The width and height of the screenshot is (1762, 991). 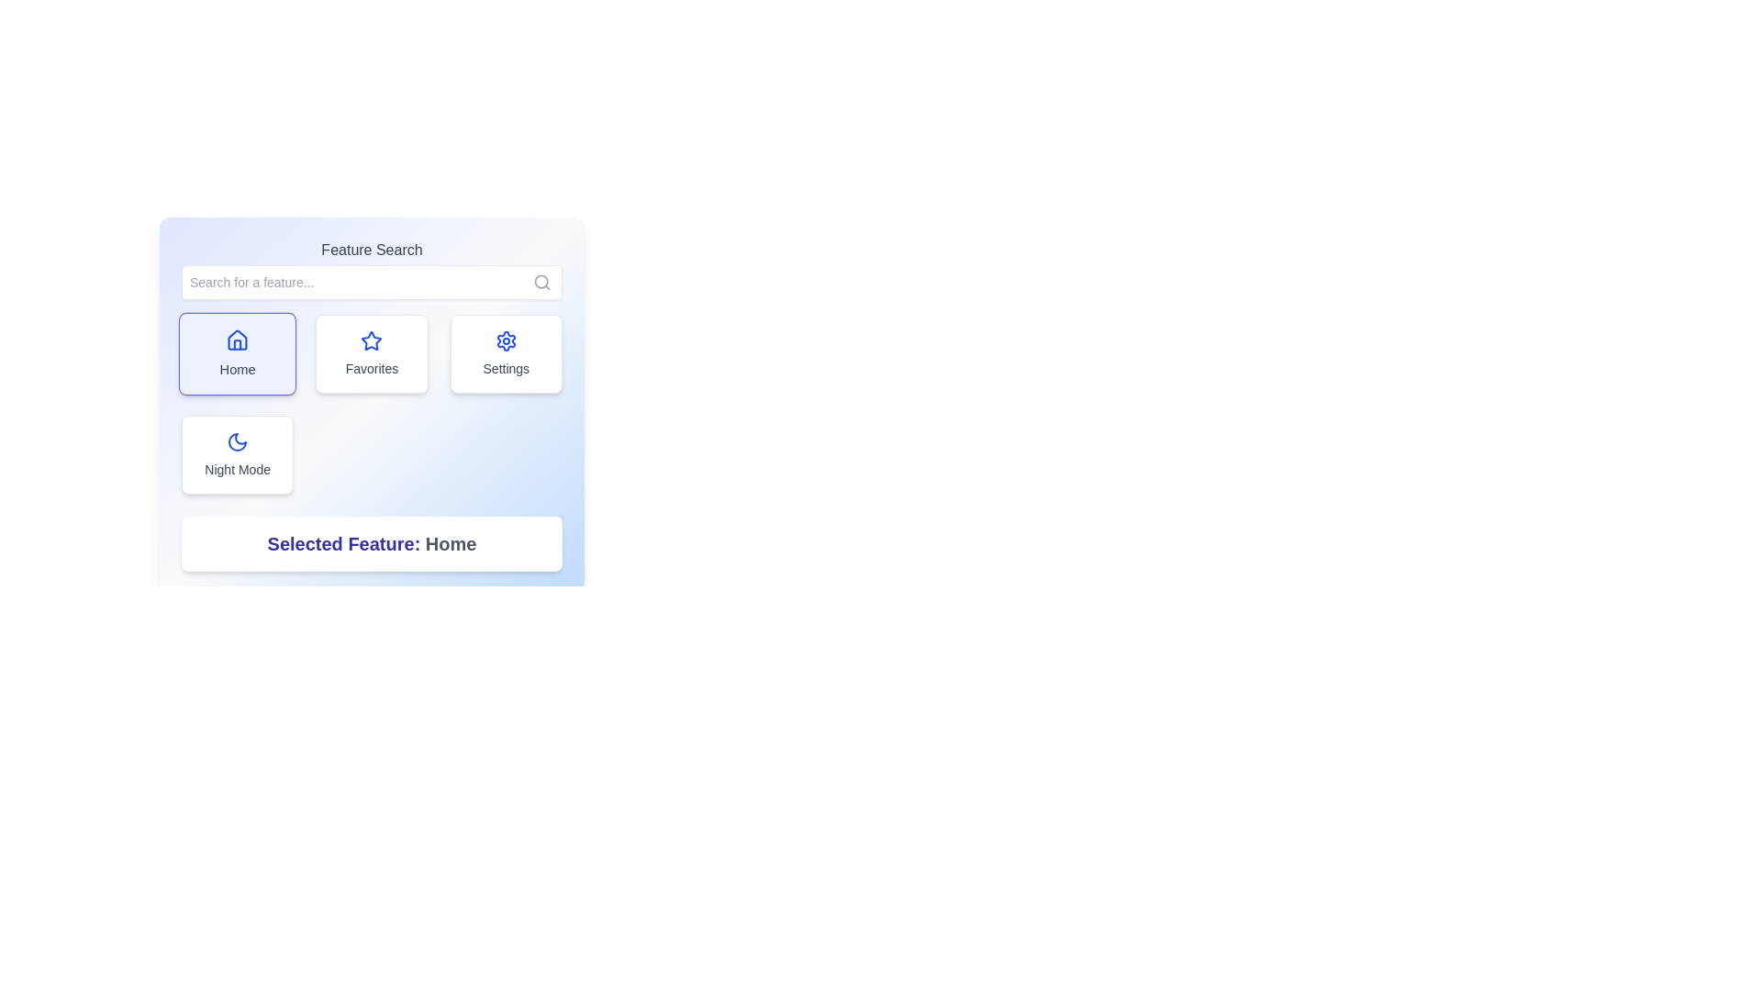 I want to click on the 'Home' text label, which is styled in gray and is located below the house-shaped icon in the top-left box of the feature options grid, so click(x=237, y=369).